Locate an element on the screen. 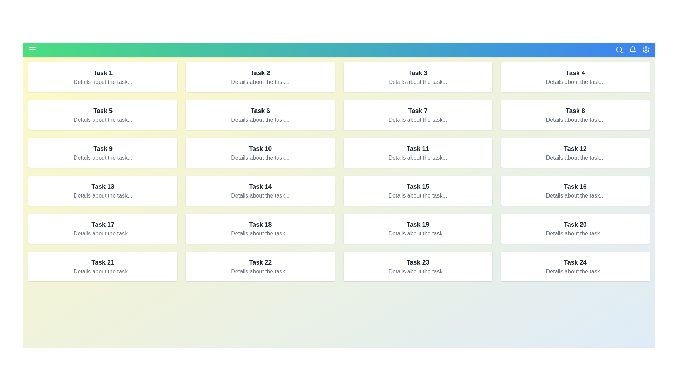 The image size is (673, 379). the magnifying glass icon to initiate the search is located at coordinates (619, 49).